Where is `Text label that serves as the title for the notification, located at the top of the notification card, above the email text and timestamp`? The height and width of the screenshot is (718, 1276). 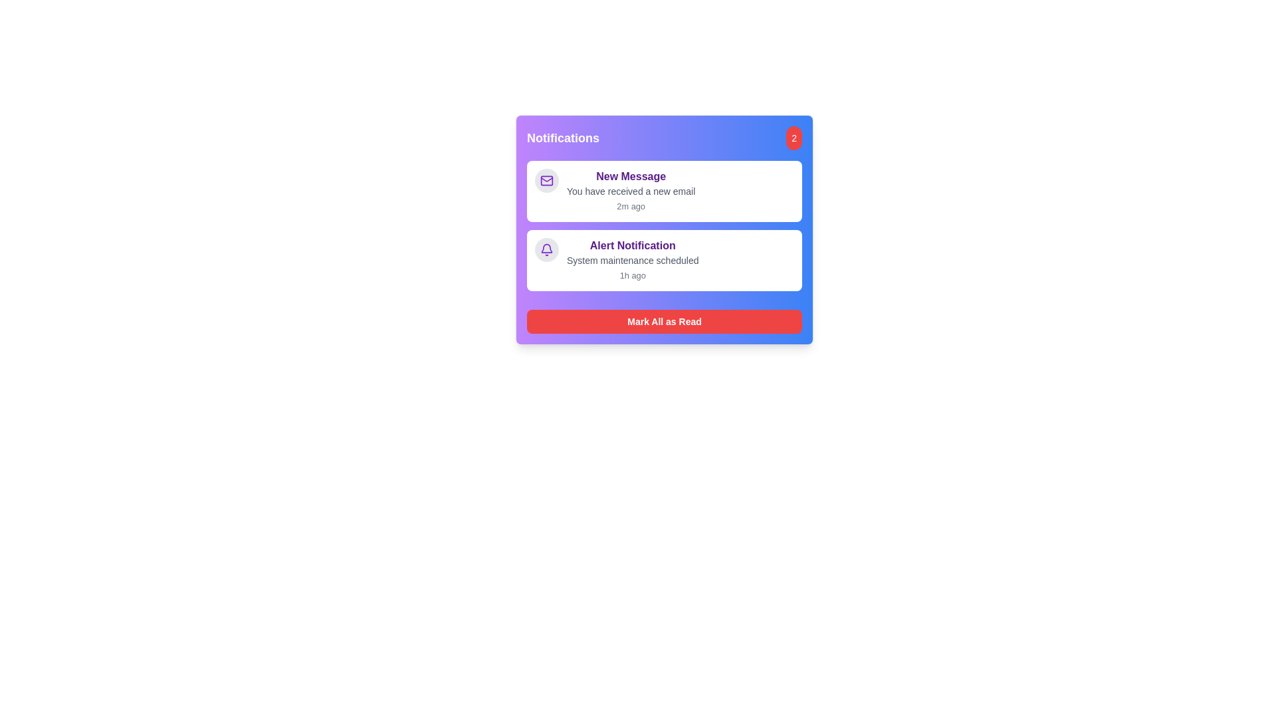
Text label that serves as the title for the notification, located at the top of the notification card, above the email text and timestamp is located at coordinates (630, 176).